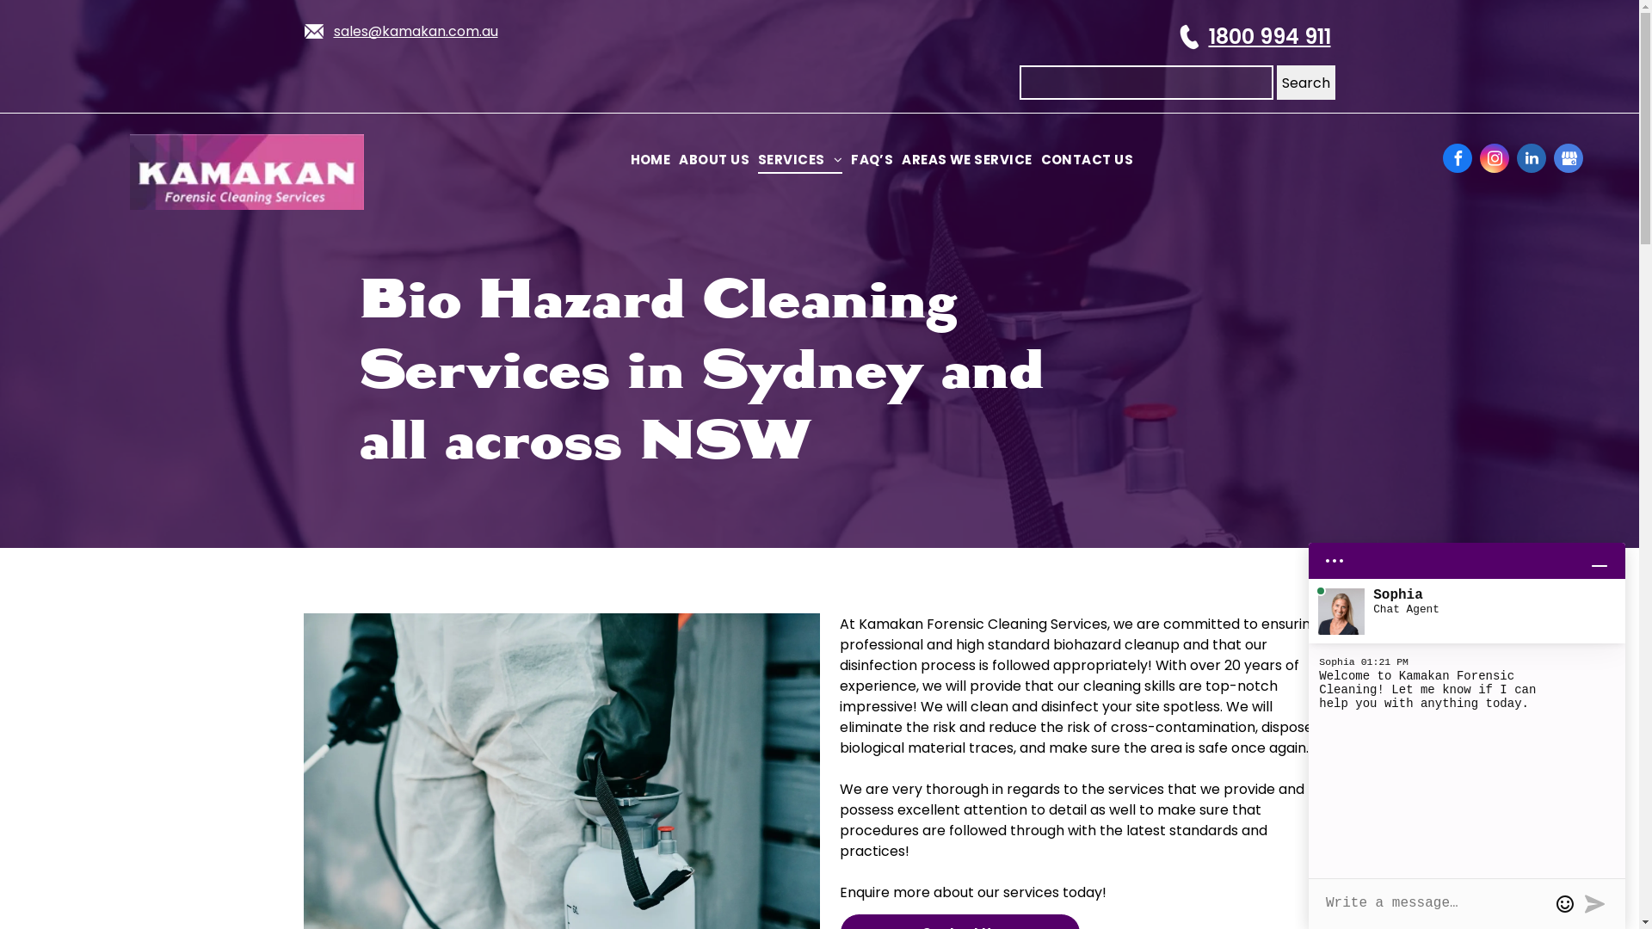 The image size is (1652, 929). I want to click on 'CONTACT US', so click(1035, 160).